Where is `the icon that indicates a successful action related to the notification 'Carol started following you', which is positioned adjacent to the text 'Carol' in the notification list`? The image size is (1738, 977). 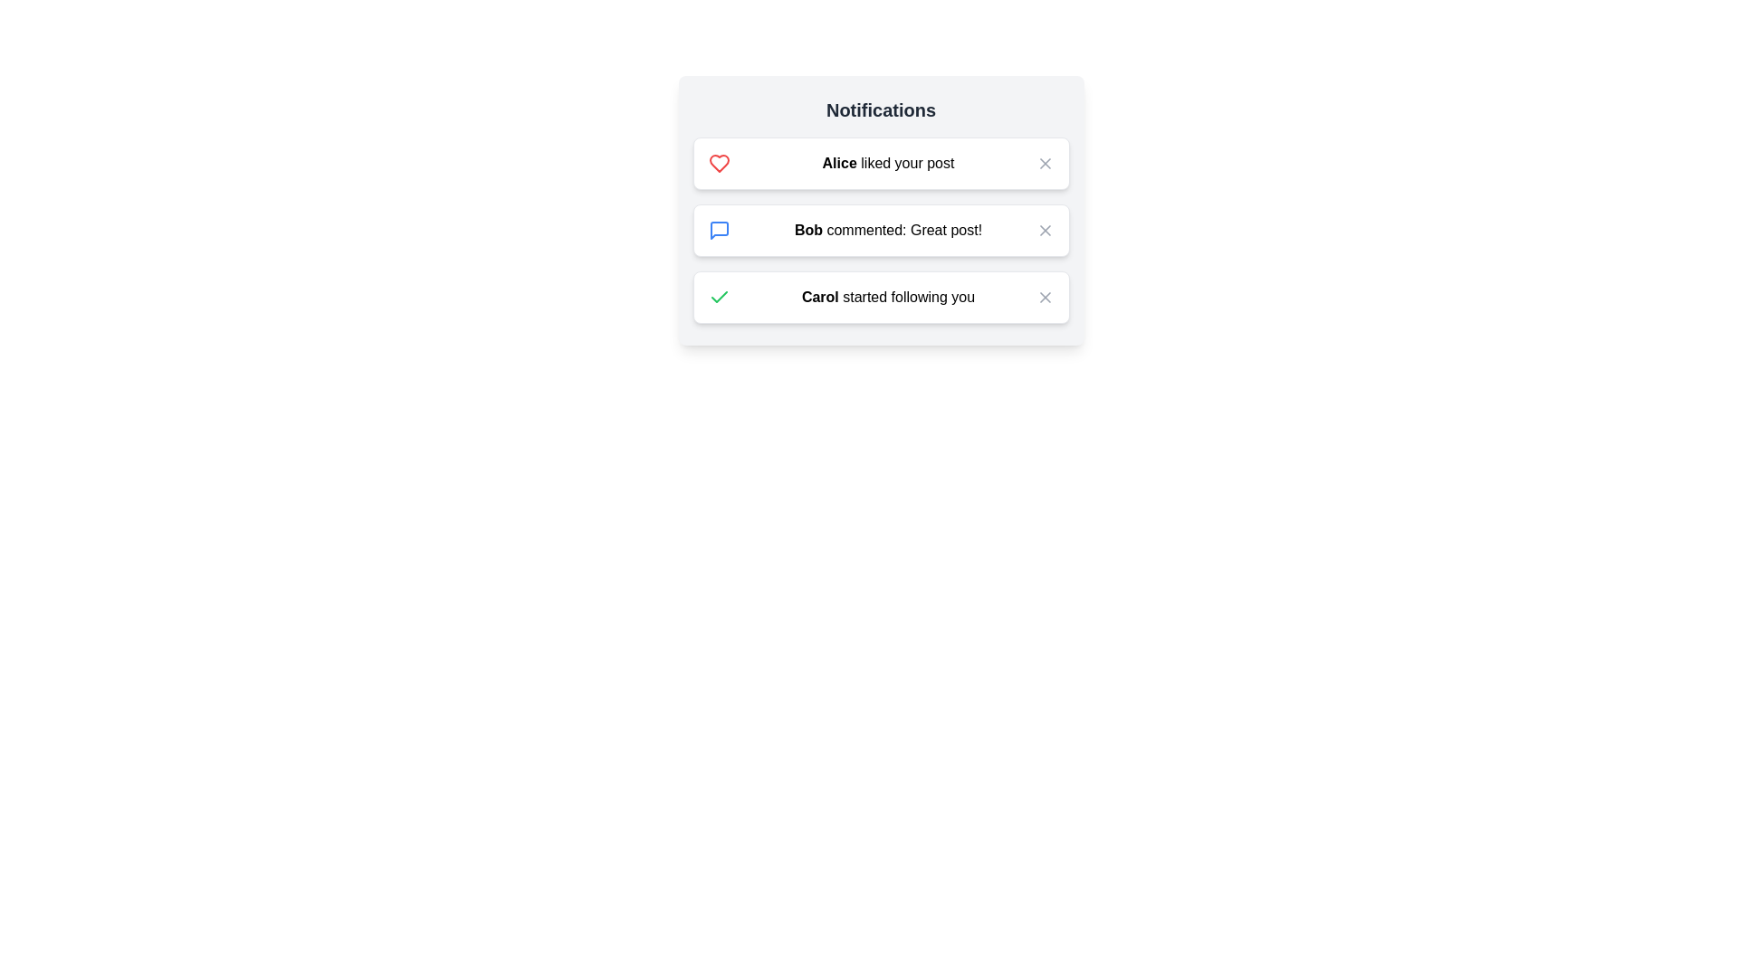
the icon that indicates a successful action related to the notification 'Carol started following you', which is positioned adjacent to the text 'Carol' in the notification list is located at coordinates (718, 296).